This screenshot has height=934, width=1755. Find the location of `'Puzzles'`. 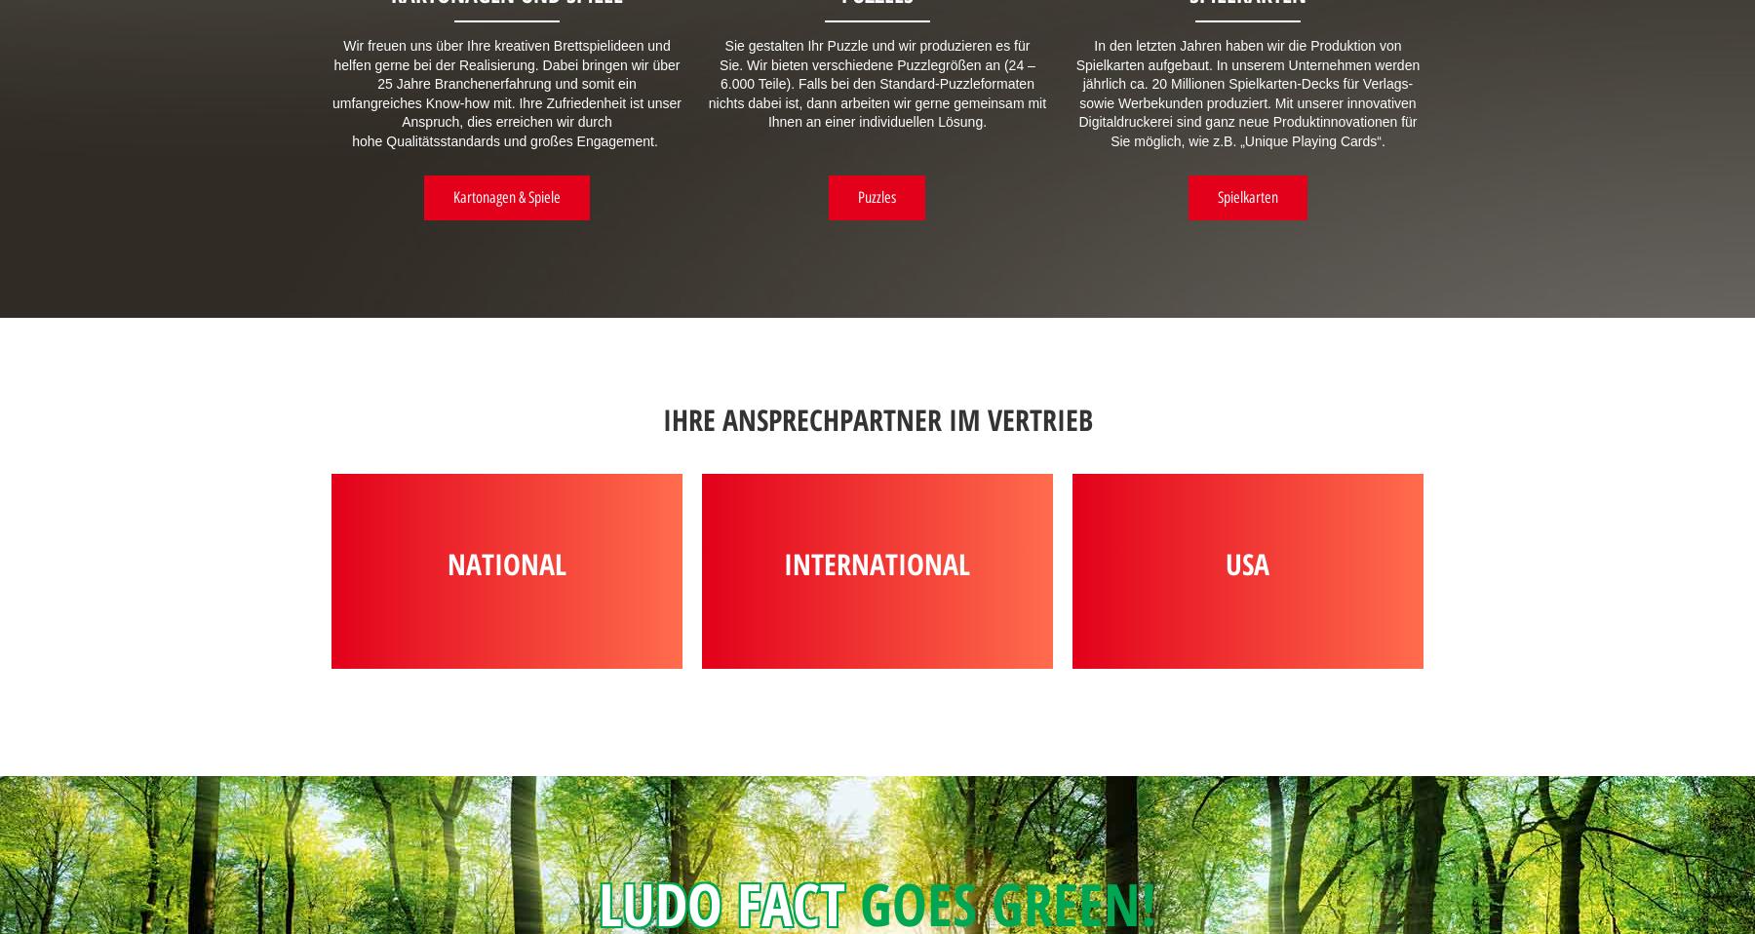

'Puzzles' is located at coordinates (877, 195).